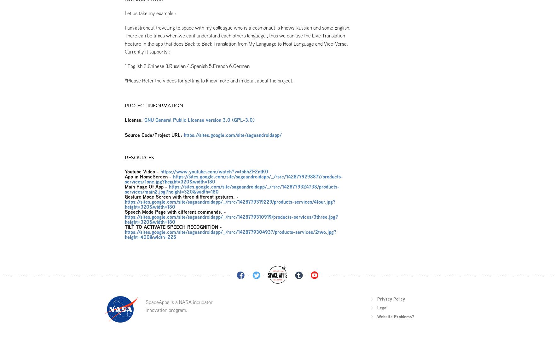  Describe the element at coordinates (382, 307) in the screenshot. I see `'Legal'` at that location.